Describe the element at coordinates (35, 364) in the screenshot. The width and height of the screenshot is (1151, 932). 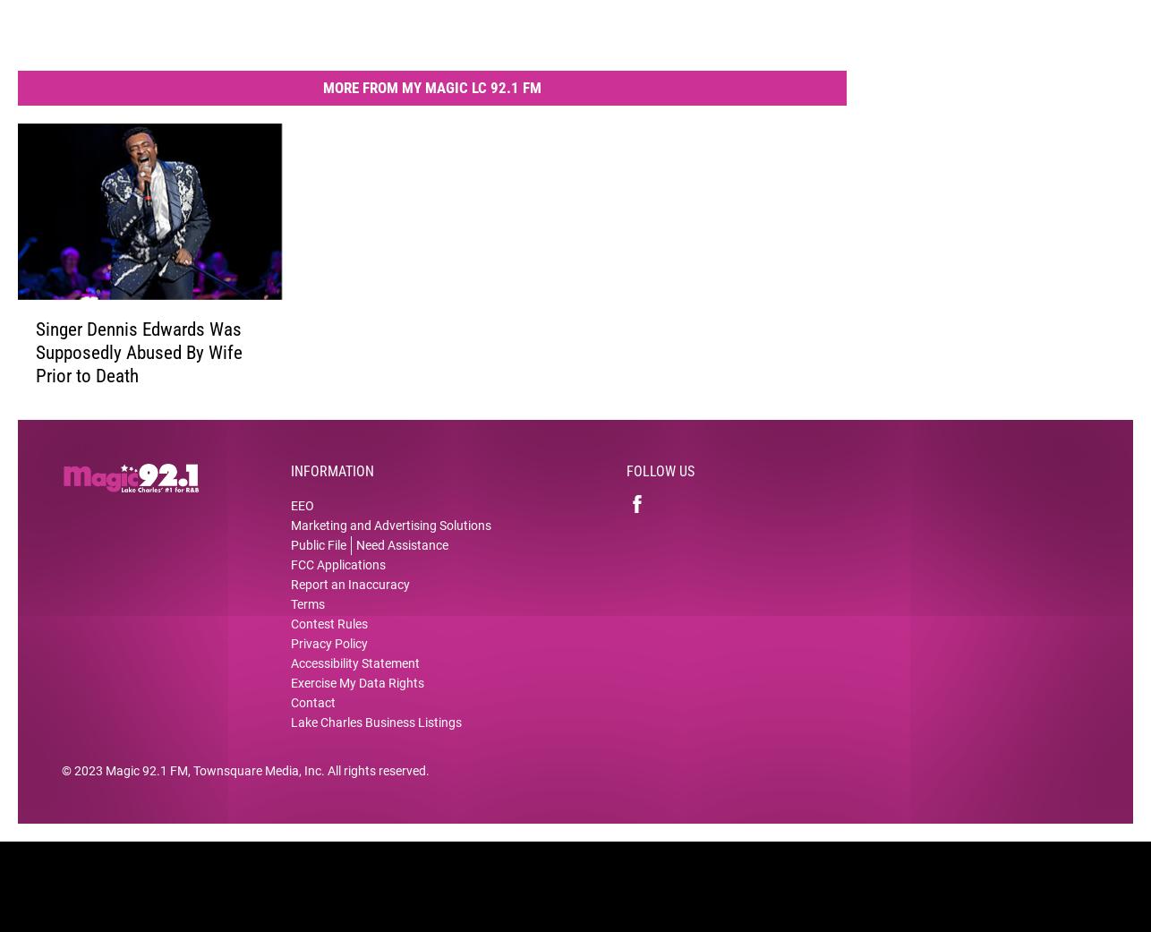
I see `'Singer Dennis Edwards Was Supposedly Abused By Wife Prior to Death'` at that location.